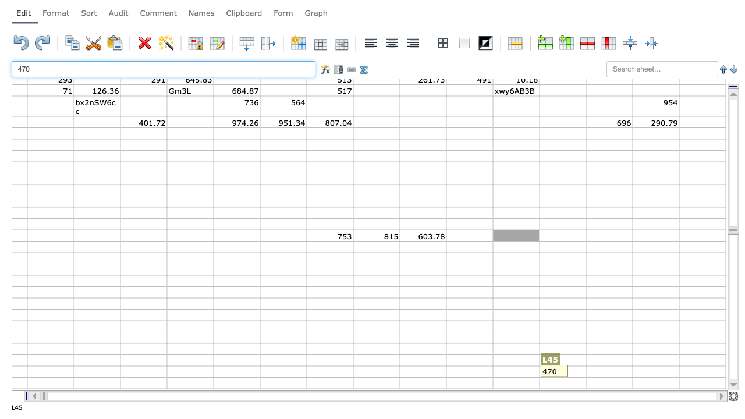  I want to click on Right edge of N-57, so click(632, 371).